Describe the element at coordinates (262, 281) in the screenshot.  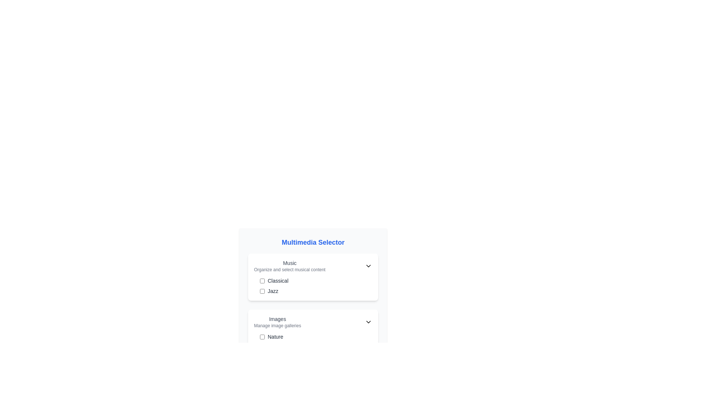
I see `the checkbox for the 'Classical' genre in the 'Music' section` at that location.